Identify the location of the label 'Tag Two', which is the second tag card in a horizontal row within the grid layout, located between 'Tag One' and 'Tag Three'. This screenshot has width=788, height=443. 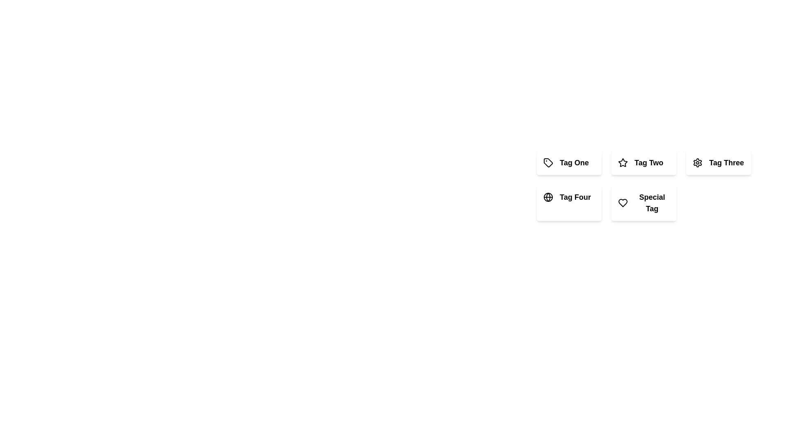
(644, 163).